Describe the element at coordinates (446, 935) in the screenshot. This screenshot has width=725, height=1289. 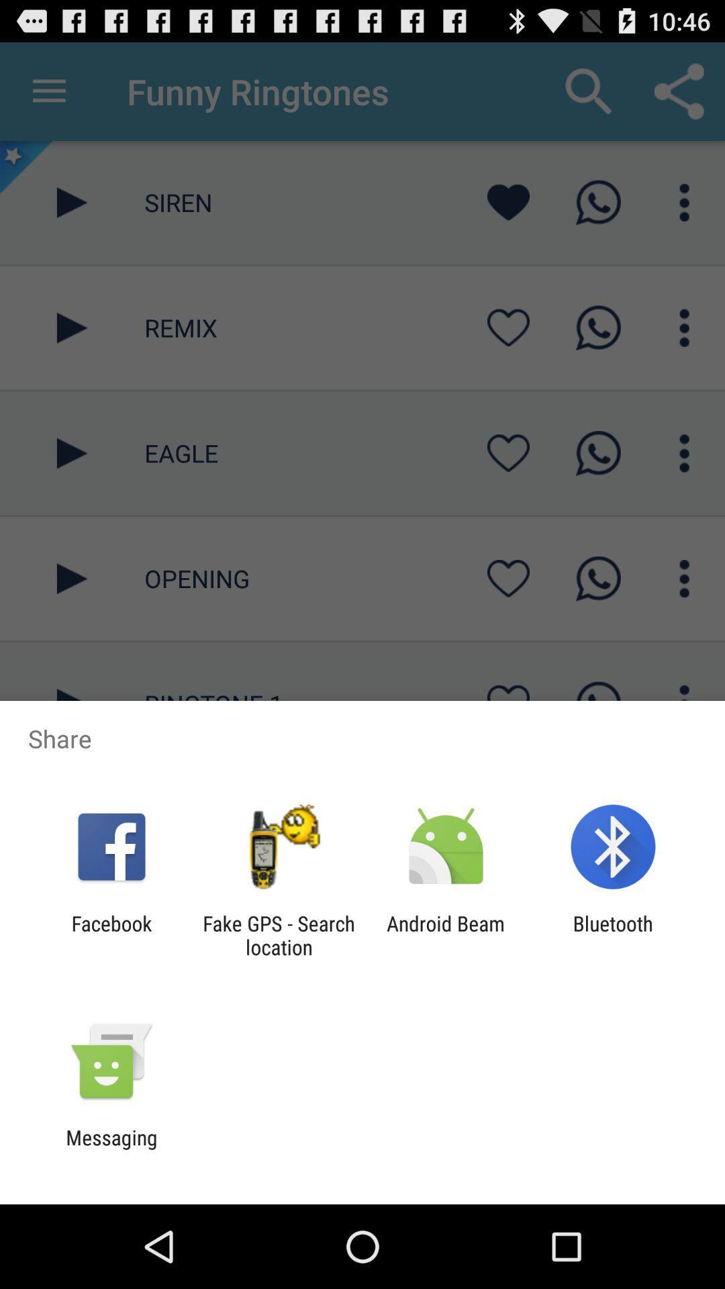
I see `the android beam` at that location.